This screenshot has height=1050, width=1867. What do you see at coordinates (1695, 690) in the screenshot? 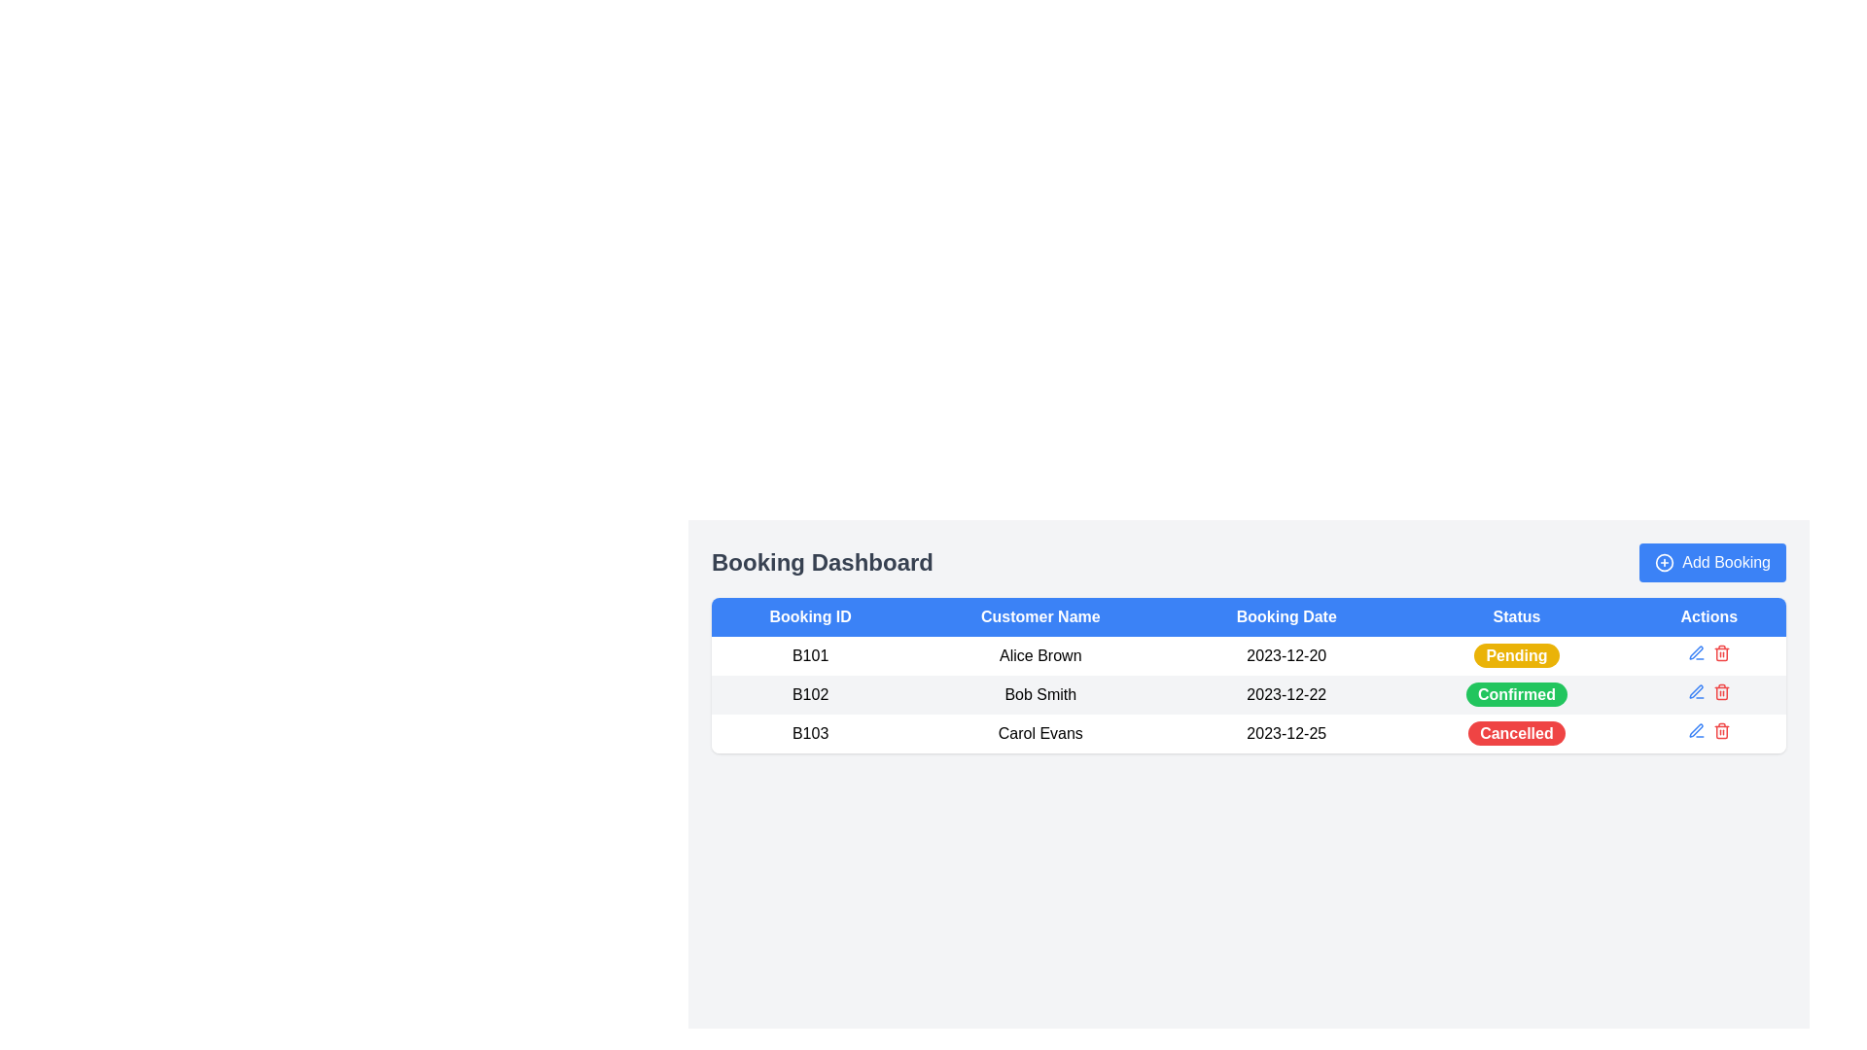
I see `the edit button icon located in the 'Actions' column of the booking entry row` at bounding box center [1695, 690].